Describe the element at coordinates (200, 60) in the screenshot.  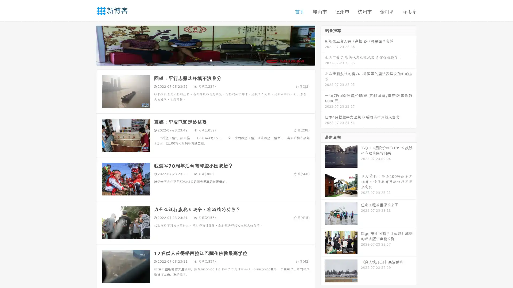
I see `Go to slide 1` at that location.